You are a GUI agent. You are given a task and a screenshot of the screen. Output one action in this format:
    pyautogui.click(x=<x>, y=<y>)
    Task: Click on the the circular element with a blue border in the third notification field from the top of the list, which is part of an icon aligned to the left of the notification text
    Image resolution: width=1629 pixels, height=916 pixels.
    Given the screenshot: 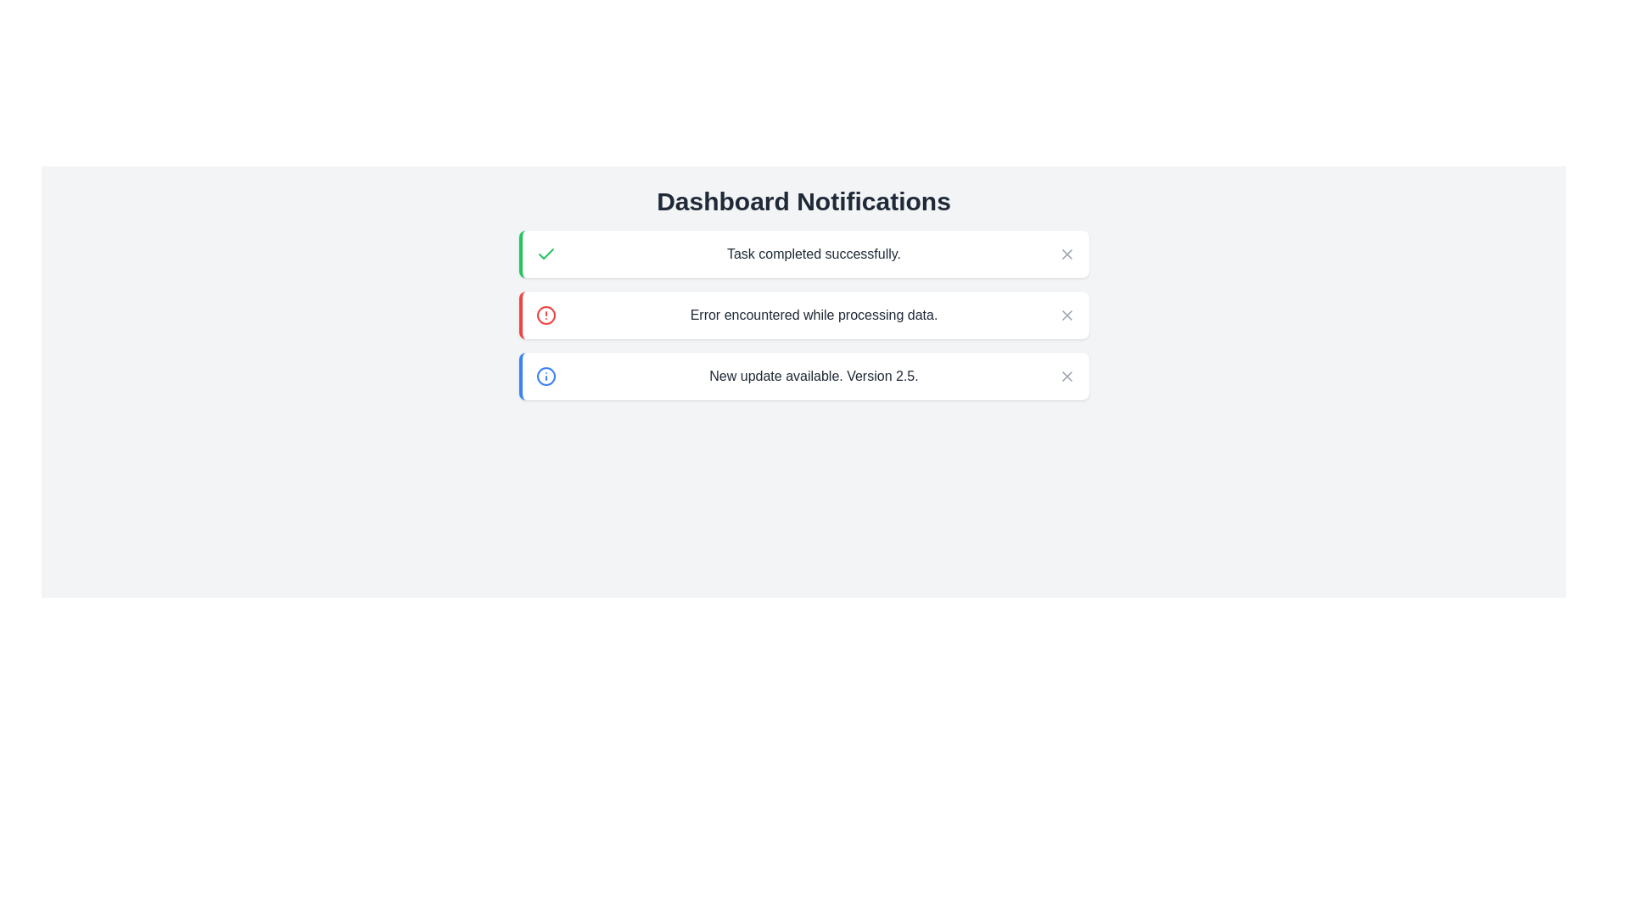 What is the action you would take?
    pyautogui.click(x=546, y=375)
    